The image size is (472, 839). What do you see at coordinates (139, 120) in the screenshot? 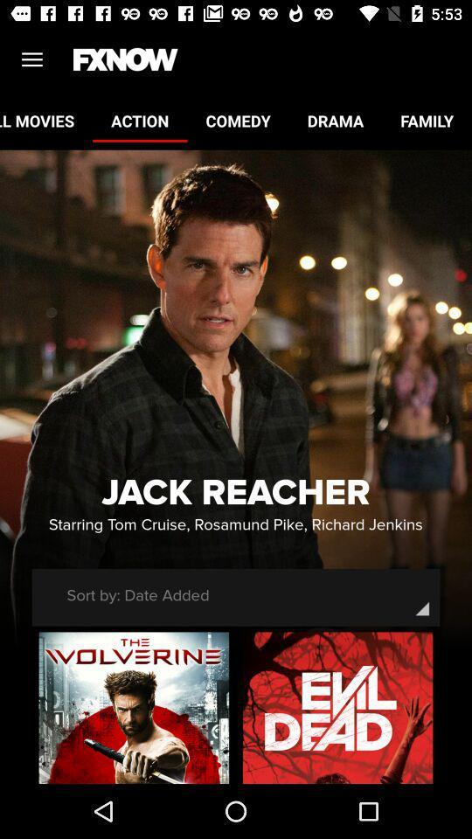
I see `the action item` at bounding box center [139, 120].